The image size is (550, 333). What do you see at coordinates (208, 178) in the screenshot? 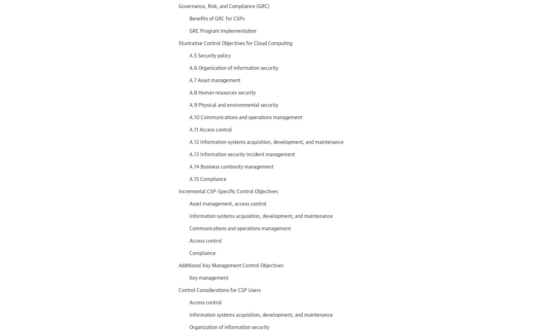
I see `'A.15 Compliance'` at bounding box center [208, 178].